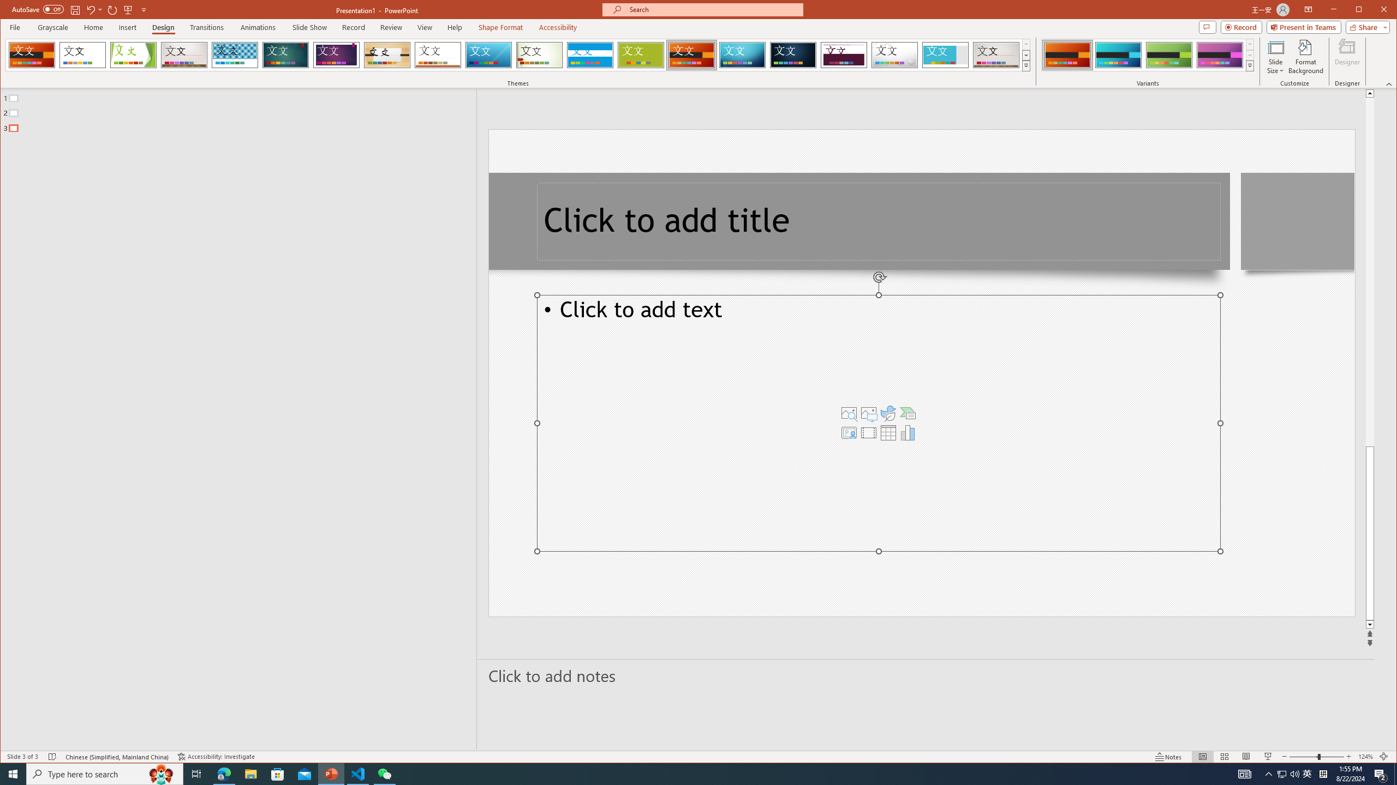 This screenshot has width=1397, height=785. Describe the element at coordinates (908, 413) in the screenshot. I see `'Insert a SmartArt Graphic'` at that location.